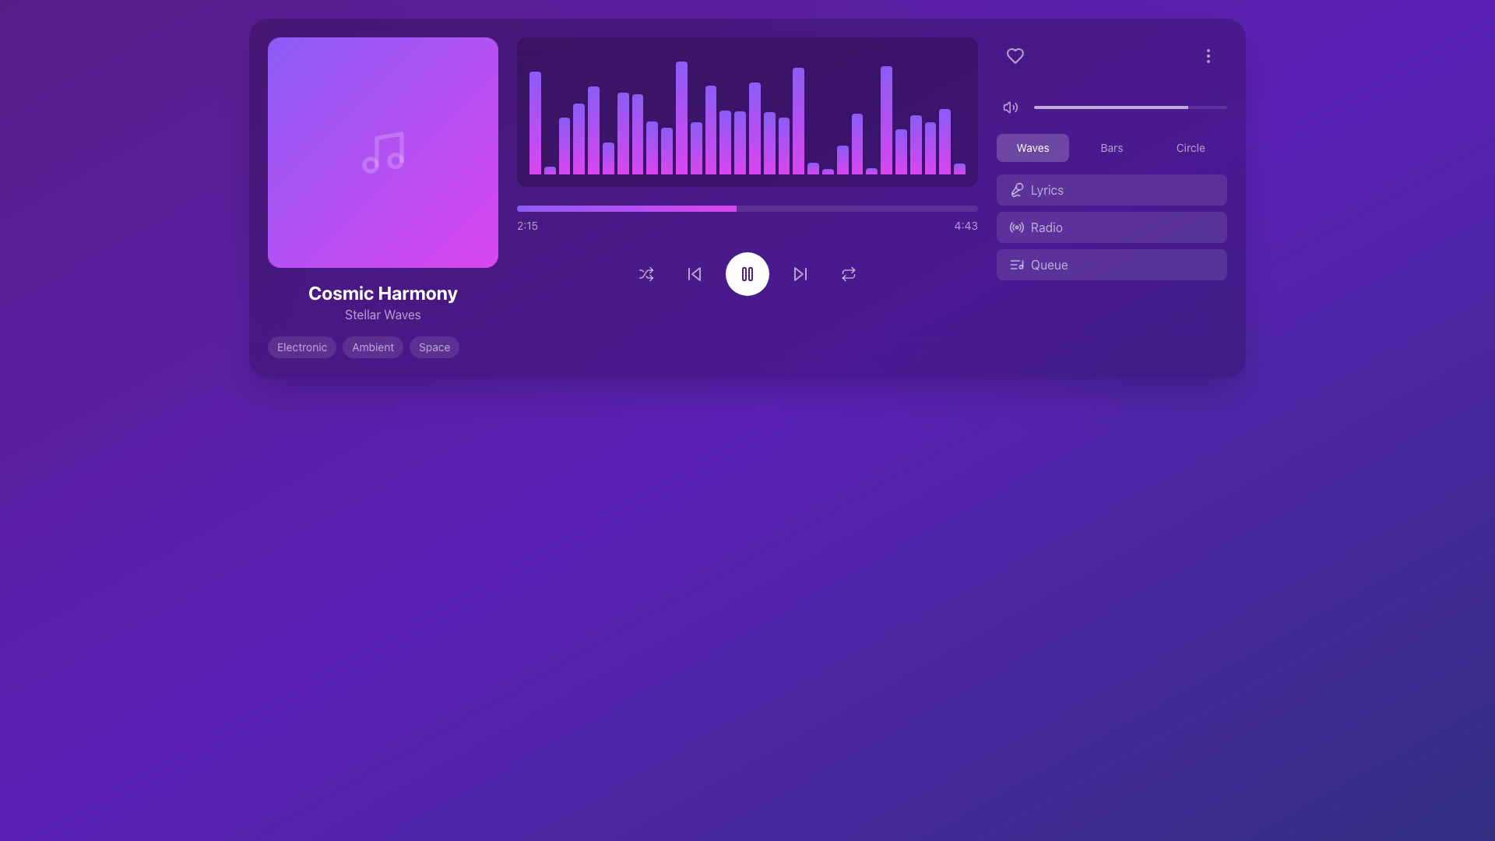 This screenshot has height=841, width=1495. Describe the element at coordinates (842, 160) in the screenshot. I see `the audio bar, which is the 22nd vertical bar in a sequence, displaying a gradient from fuchsia to violet with rounded top corners` at that location.